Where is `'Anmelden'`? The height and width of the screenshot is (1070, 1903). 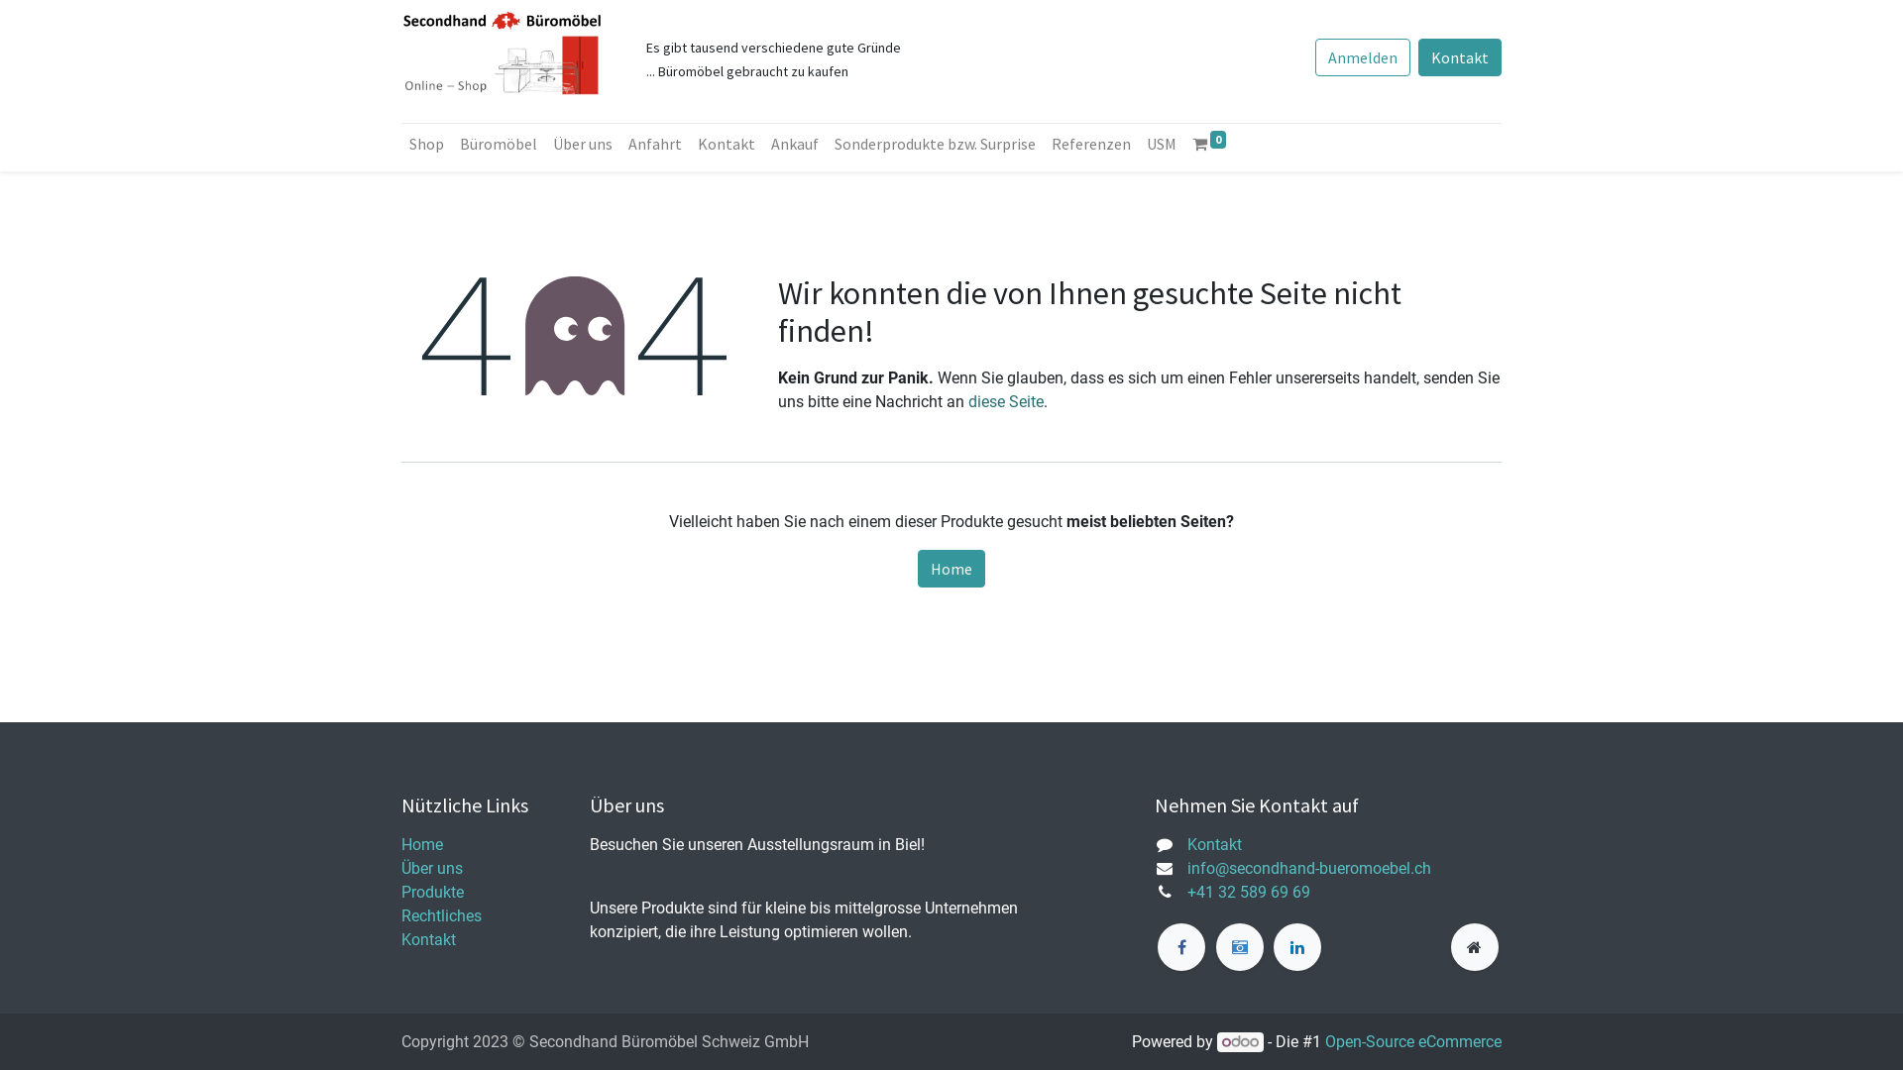
'Anmelden' is located at coordinates (1361, 55).